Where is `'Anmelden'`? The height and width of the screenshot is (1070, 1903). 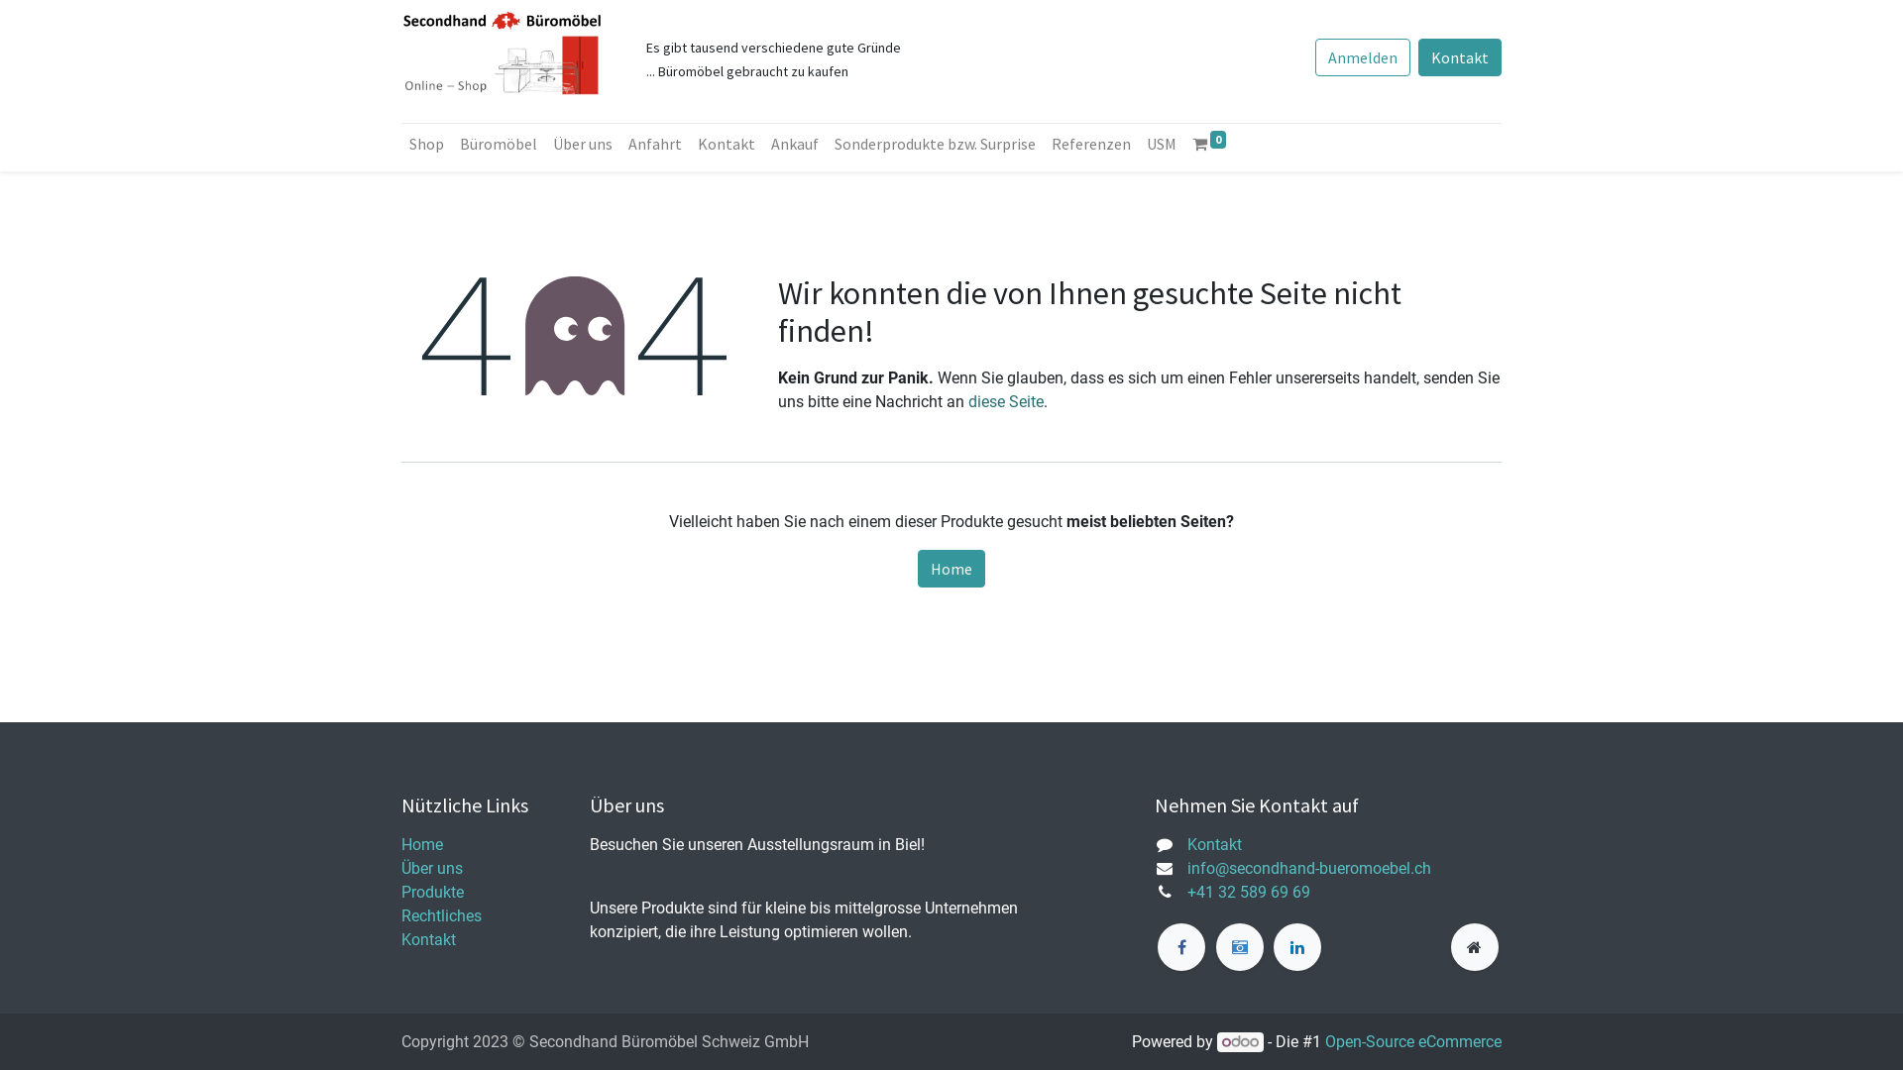
'Anmelden' is located at coordinates (1361, 55).